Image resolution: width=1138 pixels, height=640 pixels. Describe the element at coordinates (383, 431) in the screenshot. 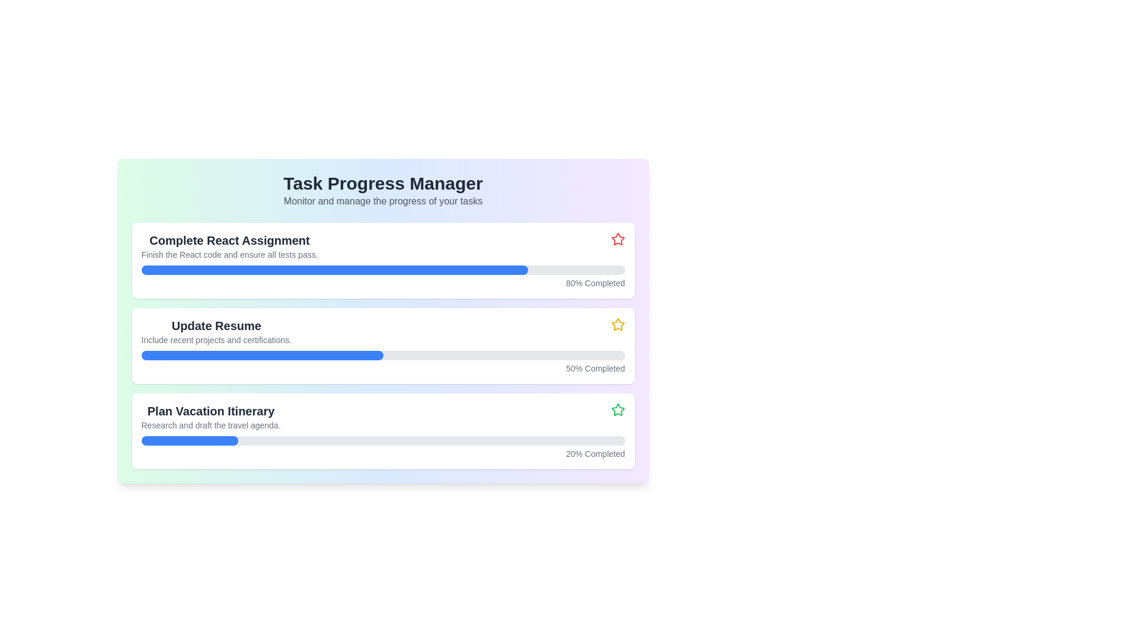

I see `the progress status on the progress bar of the task overview component titled 'Plan Vacation Itinerary', which is the last element in the vertical stack of task items` at that location.